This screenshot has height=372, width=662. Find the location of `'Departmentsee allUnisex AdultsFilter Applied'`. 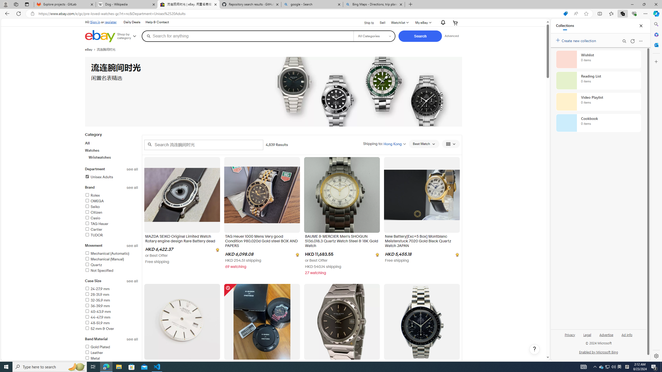

'Departmentsee allUnisex AdultsFilter Applied' is located at coordinates (111, 176).